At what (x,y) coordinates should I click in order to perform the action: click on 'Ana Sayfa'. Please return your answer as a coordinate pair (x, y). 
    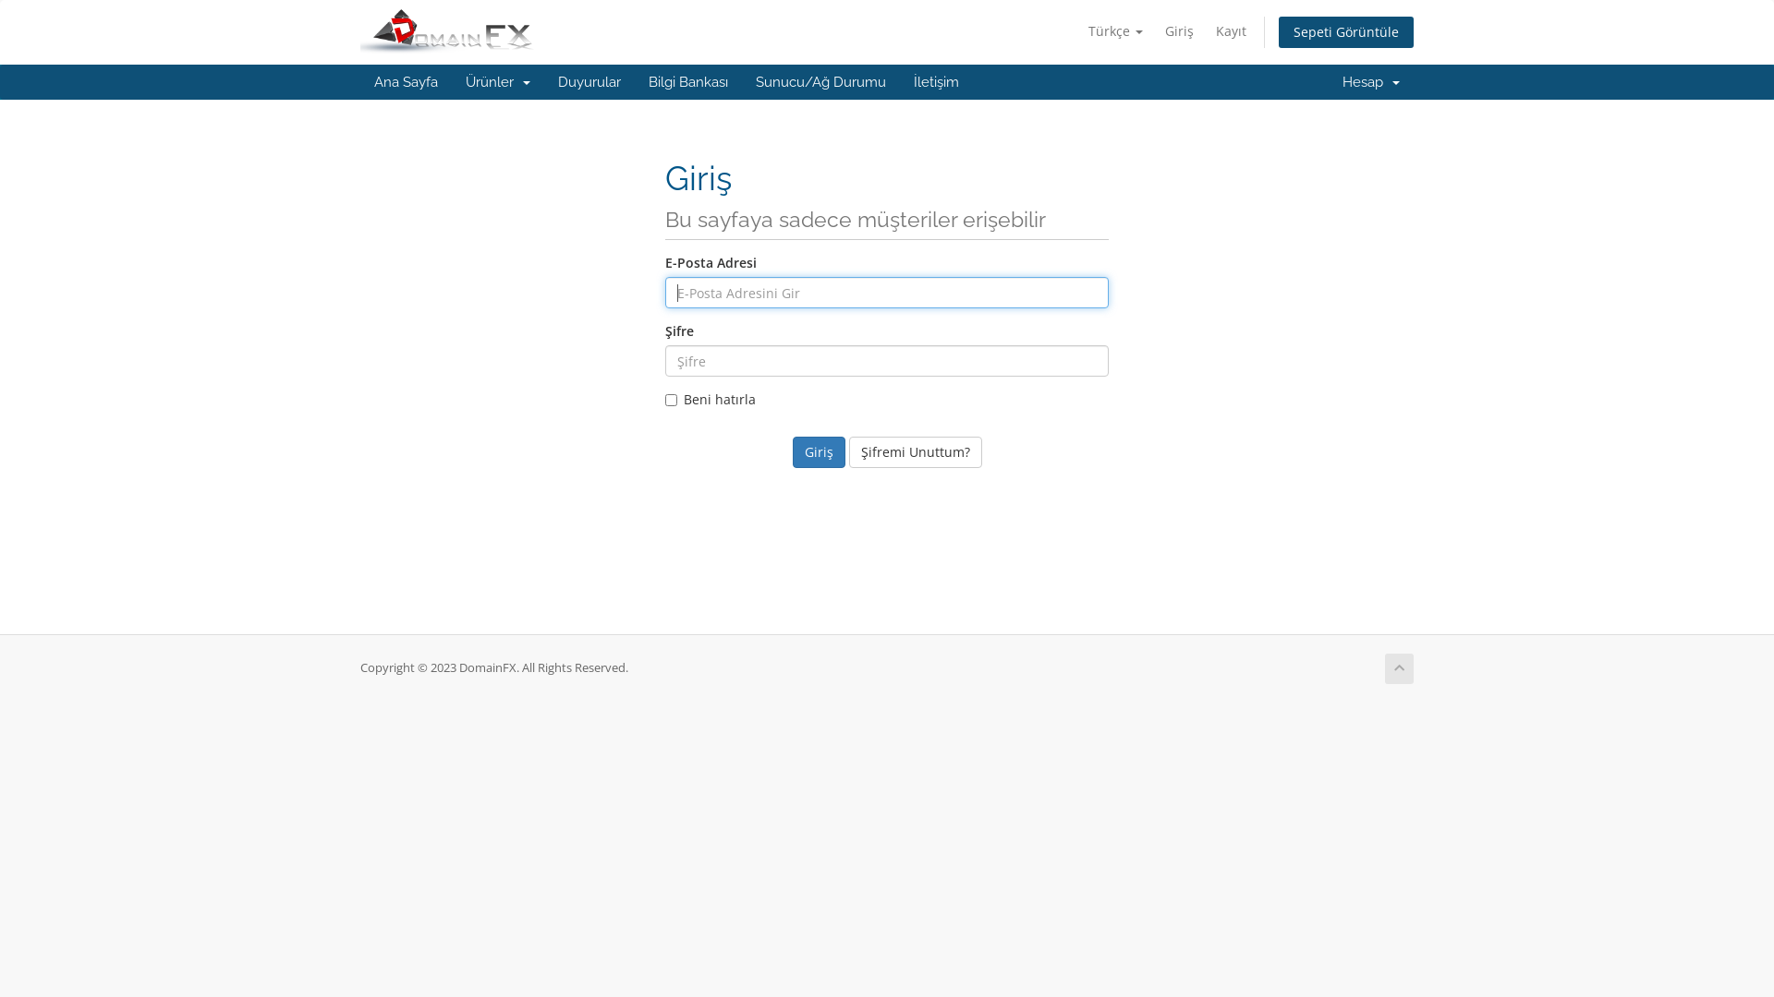
    Looking at the image, I should click on (359, 80).